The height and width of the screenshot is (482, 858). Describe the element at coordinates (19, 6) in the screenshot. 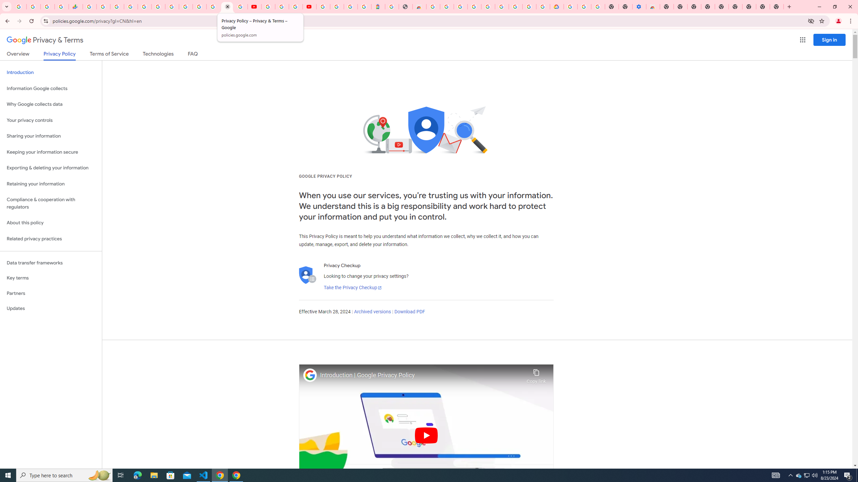

I see `'Google Workspace Admin Community'` at that location.